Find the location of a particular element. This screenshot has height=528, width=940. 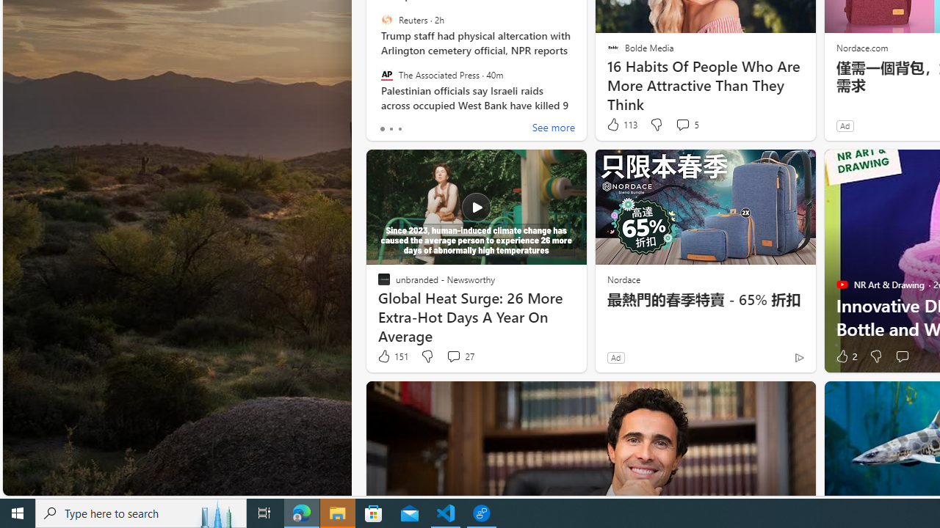

'Start the conversation' is located at coordinates (901, 356).